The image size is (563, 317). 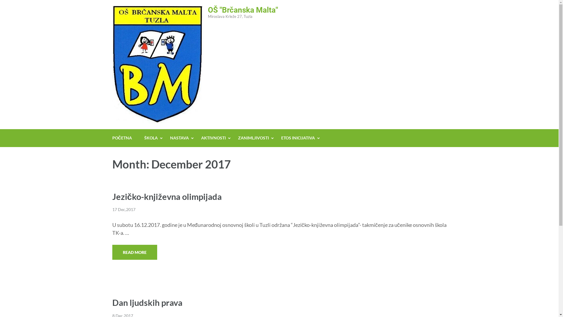 I want to click on 'ZANIMLJIVOSTI', so click(x=253, y=138).